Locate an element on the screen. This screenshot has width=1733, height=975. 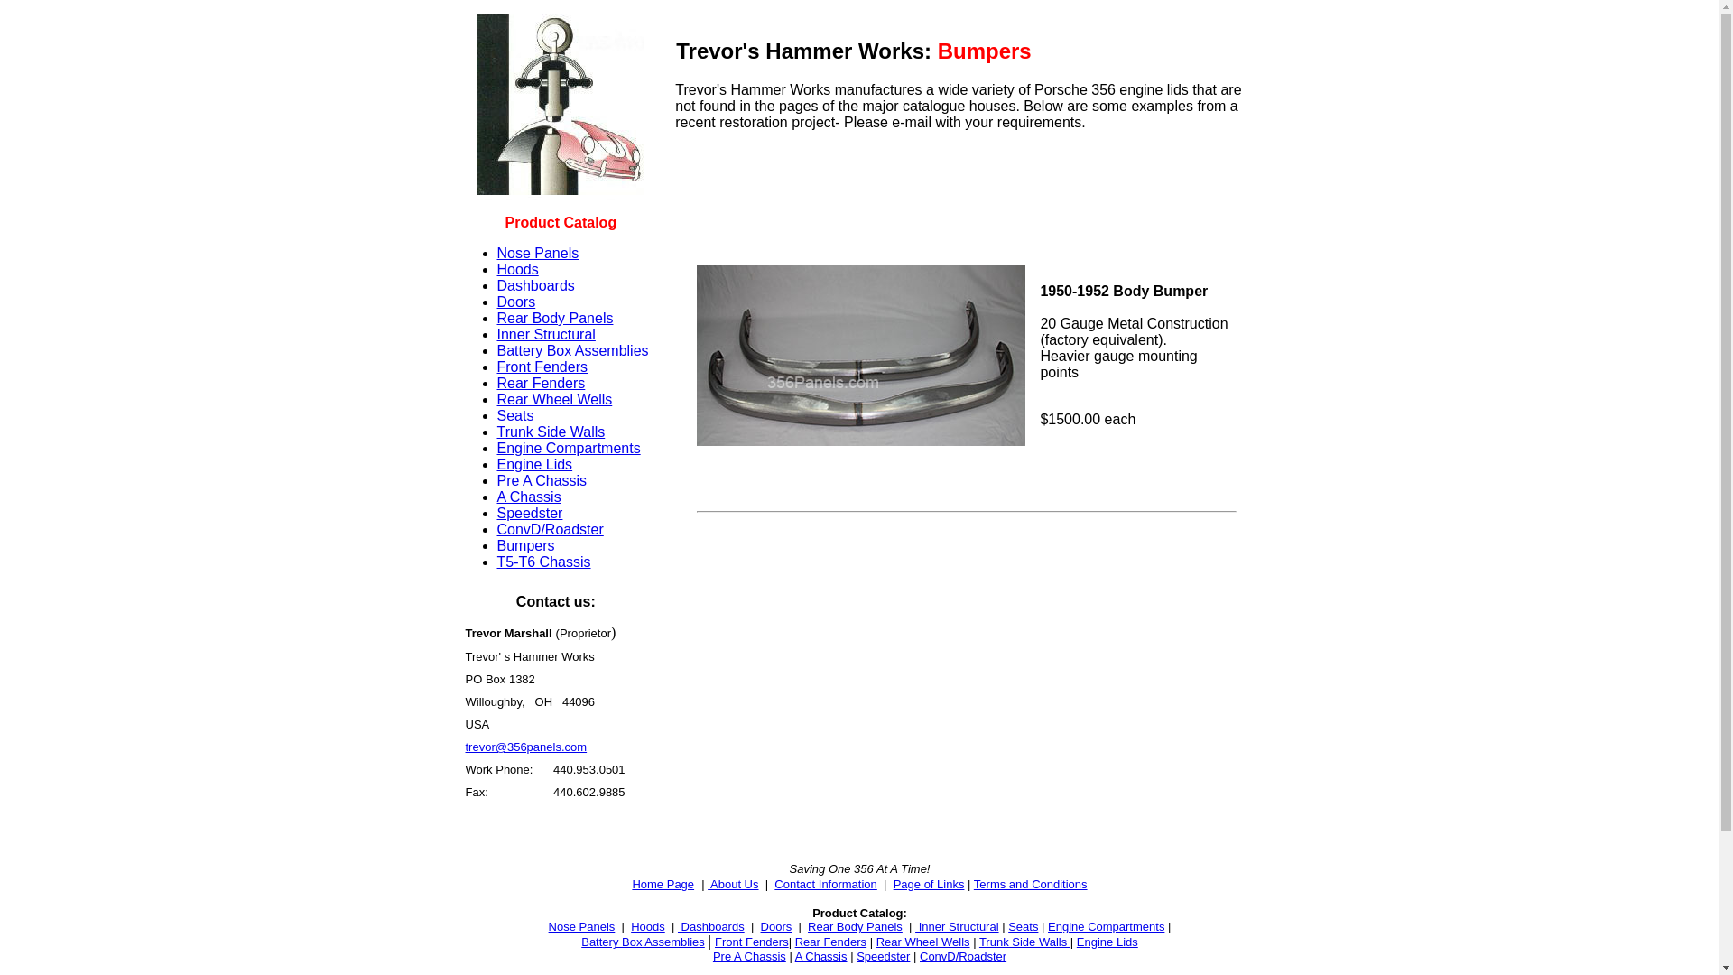
'Battery Box Assemblies' is located at coordinates (643, 941).